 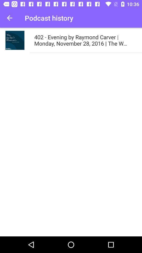 I want to click on item next to podcast history icon, so click(x=9, y=18).